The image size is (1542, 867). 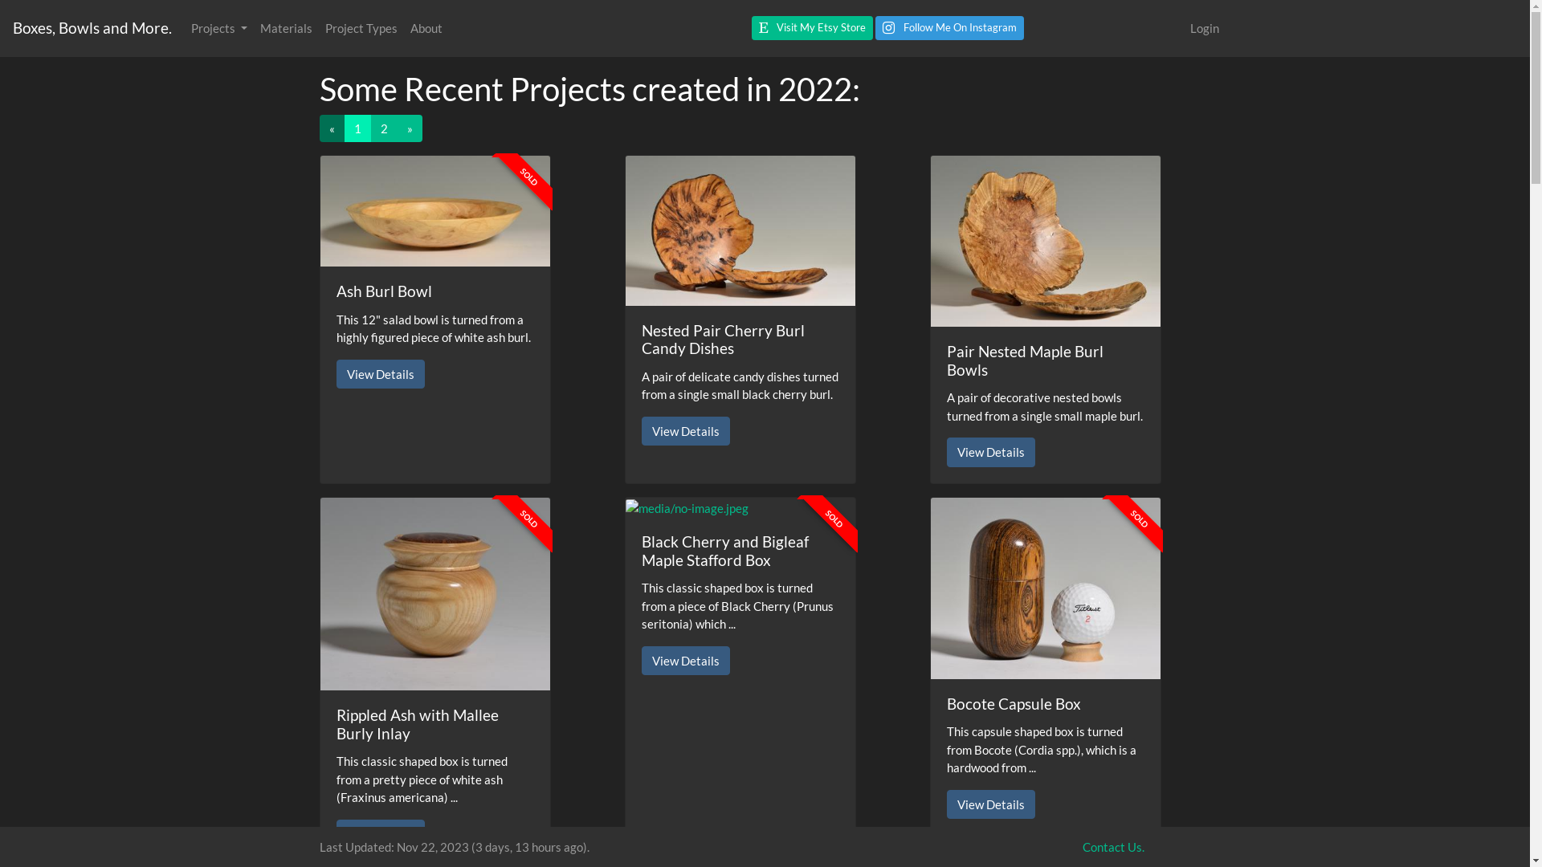 I want to click on 'Visit My Etsy Store', so click(x=812, y=27).